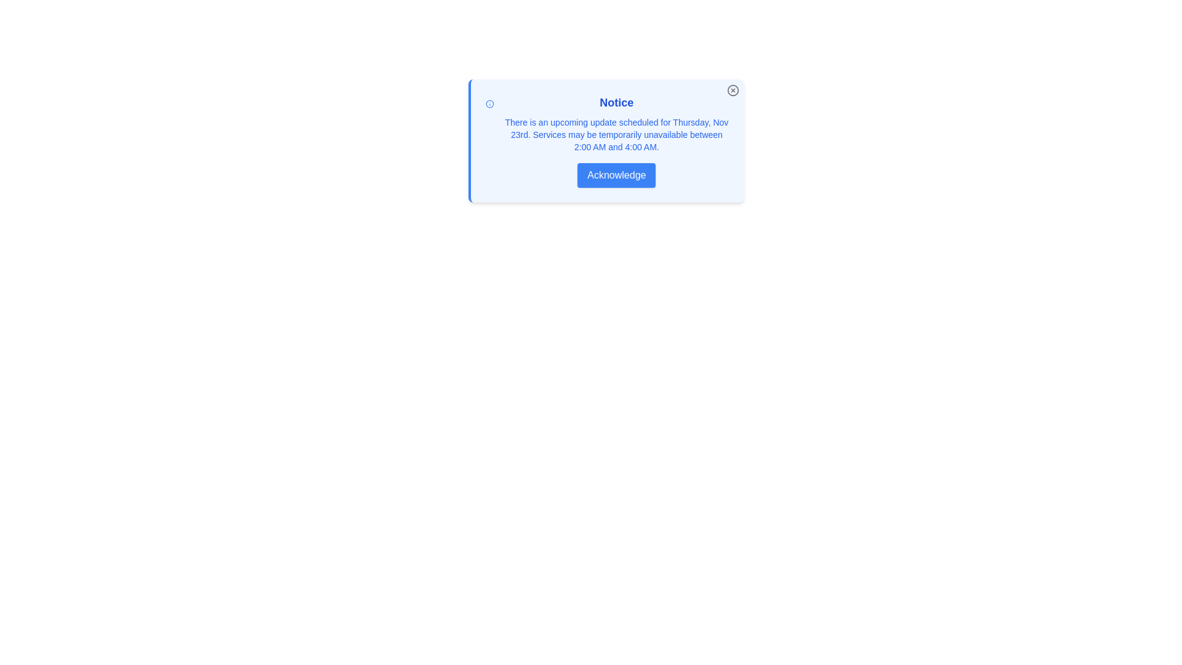 This screenshot has height=665, width=1182. What do you see at coordinates (733, 89) in the screenshot?
I see `the circular 'X' button located in the top-right corner of the notice box` at bounding box center [733, 89].